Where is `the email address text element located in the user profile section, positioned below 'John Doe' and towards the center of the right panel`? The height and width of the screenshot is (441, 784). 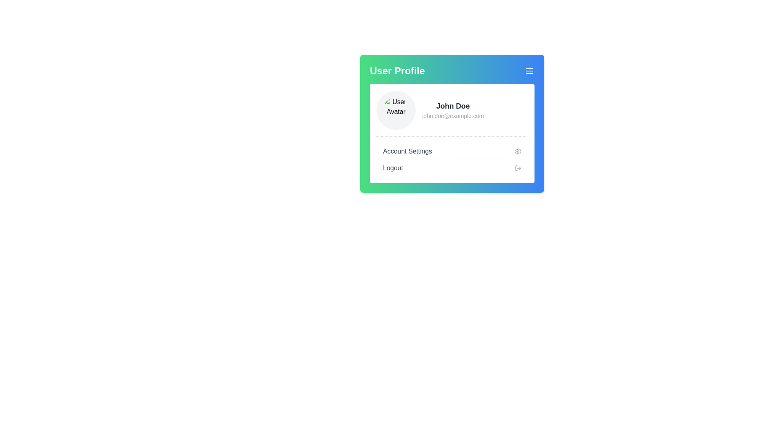 the email address text element located in the user profile section, positioned below 'John Doe' and towards the center of the right panel is located at coordinates (452, 116).